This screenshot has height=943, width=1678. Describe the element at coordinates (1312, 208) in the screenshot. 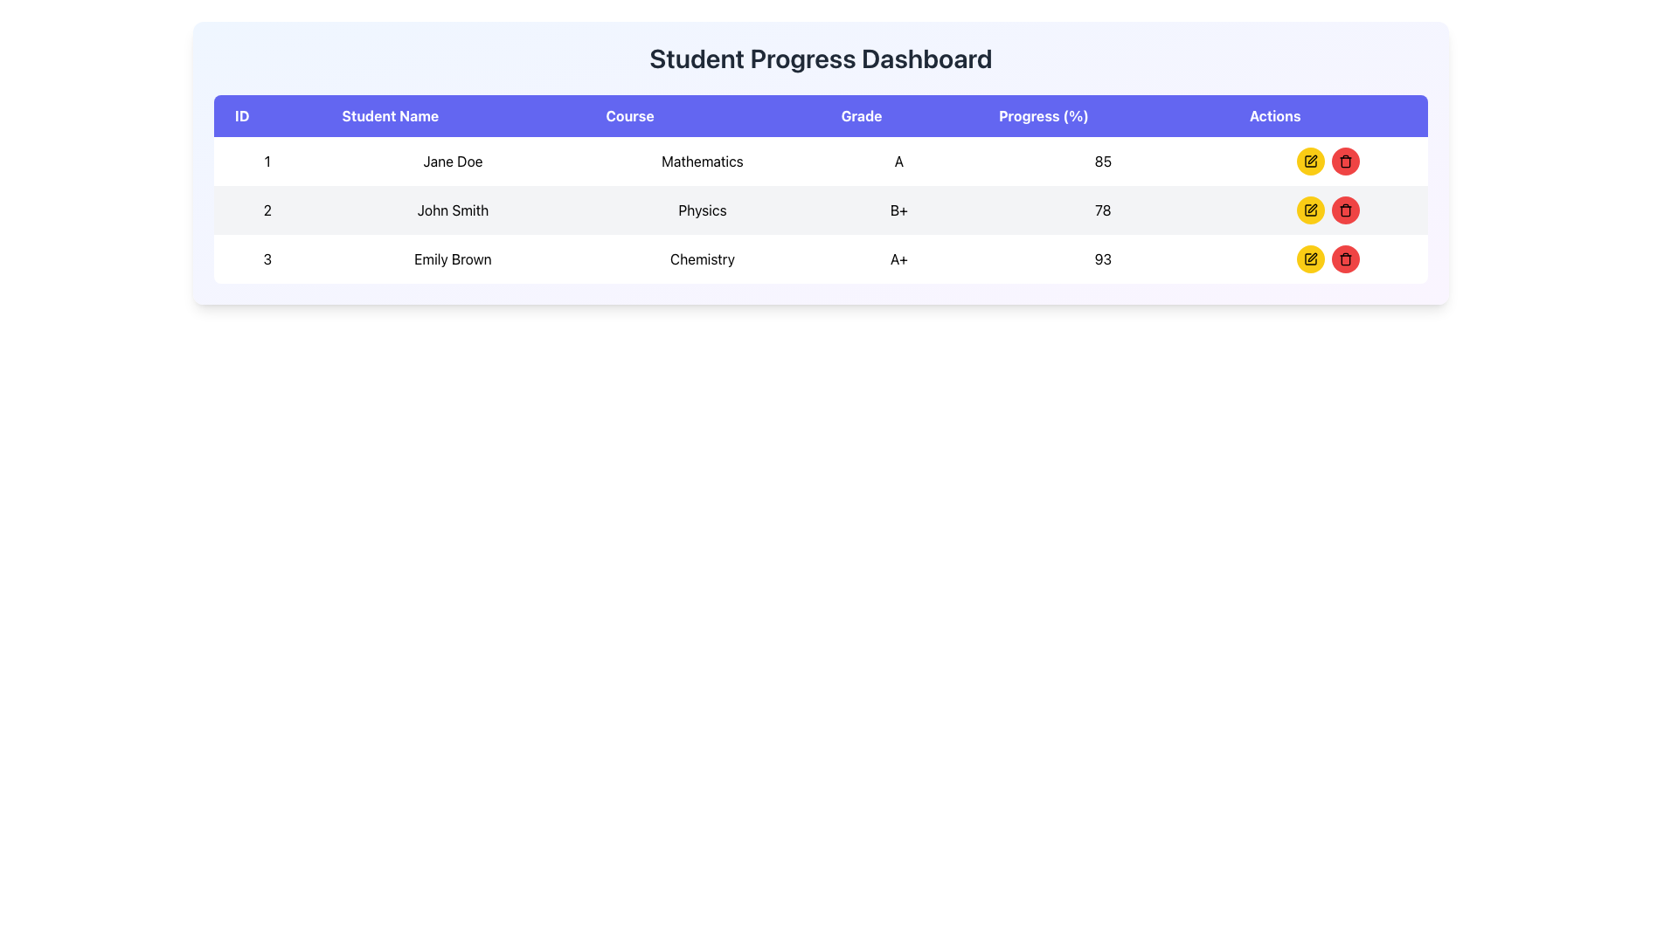

I see `the pen-shaped edit icon located in the 'Actions' column of the second row in the Student Progress Dashboard` at that location.